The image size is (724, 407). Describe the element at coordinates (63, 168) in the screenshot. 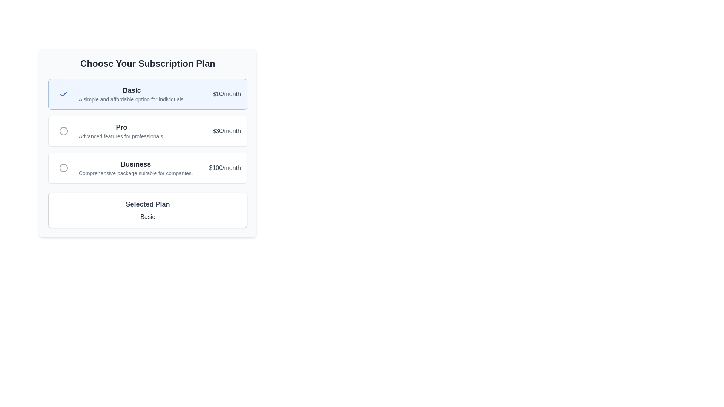

I see `the radio button located at the top-left corner of the 'Business' selection card` at that location.